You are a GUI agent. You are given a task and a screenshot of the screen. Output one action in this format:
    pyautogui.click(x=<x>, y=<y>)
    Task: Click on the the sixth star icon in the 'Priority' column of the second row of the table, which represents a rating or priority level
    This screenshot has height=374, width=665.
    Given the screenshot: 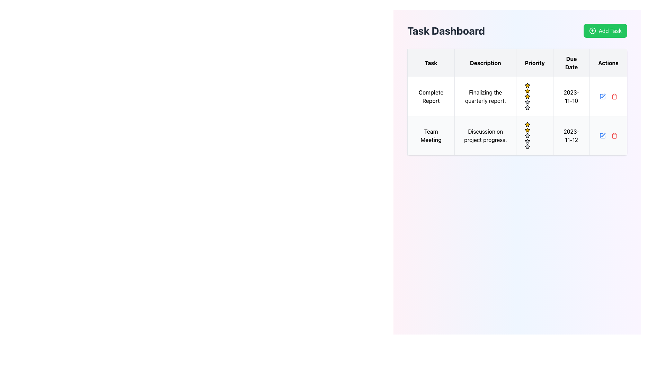 What is the action you would take?
    pyautogui.click(x=527, y=102)
    